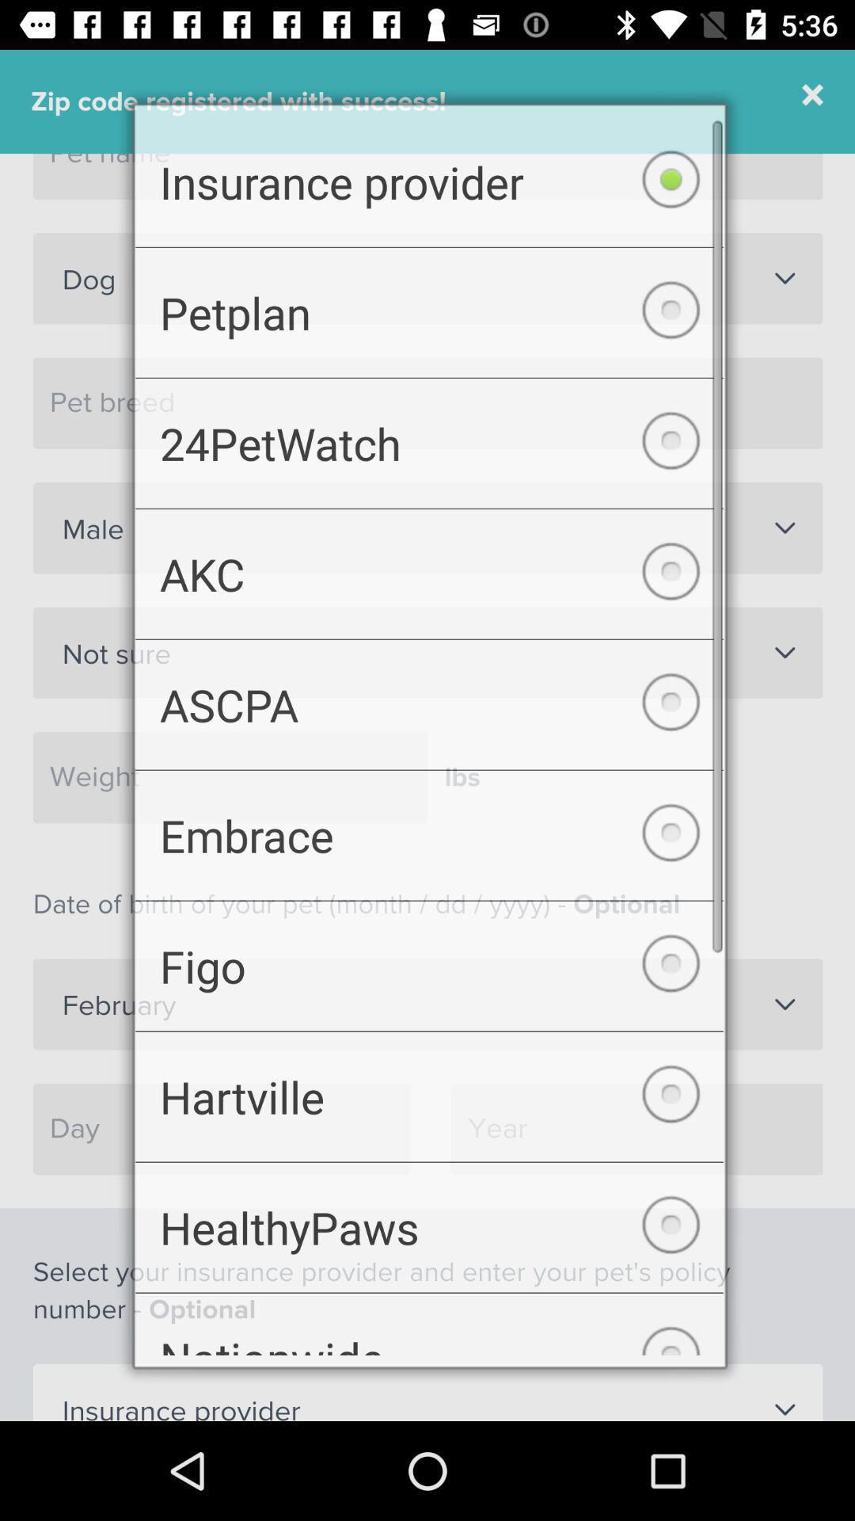  What do you see at coordinates (429, 971) in the screenshot?
I see `the checkbox below embrace item` at bounding box center [429, 971].